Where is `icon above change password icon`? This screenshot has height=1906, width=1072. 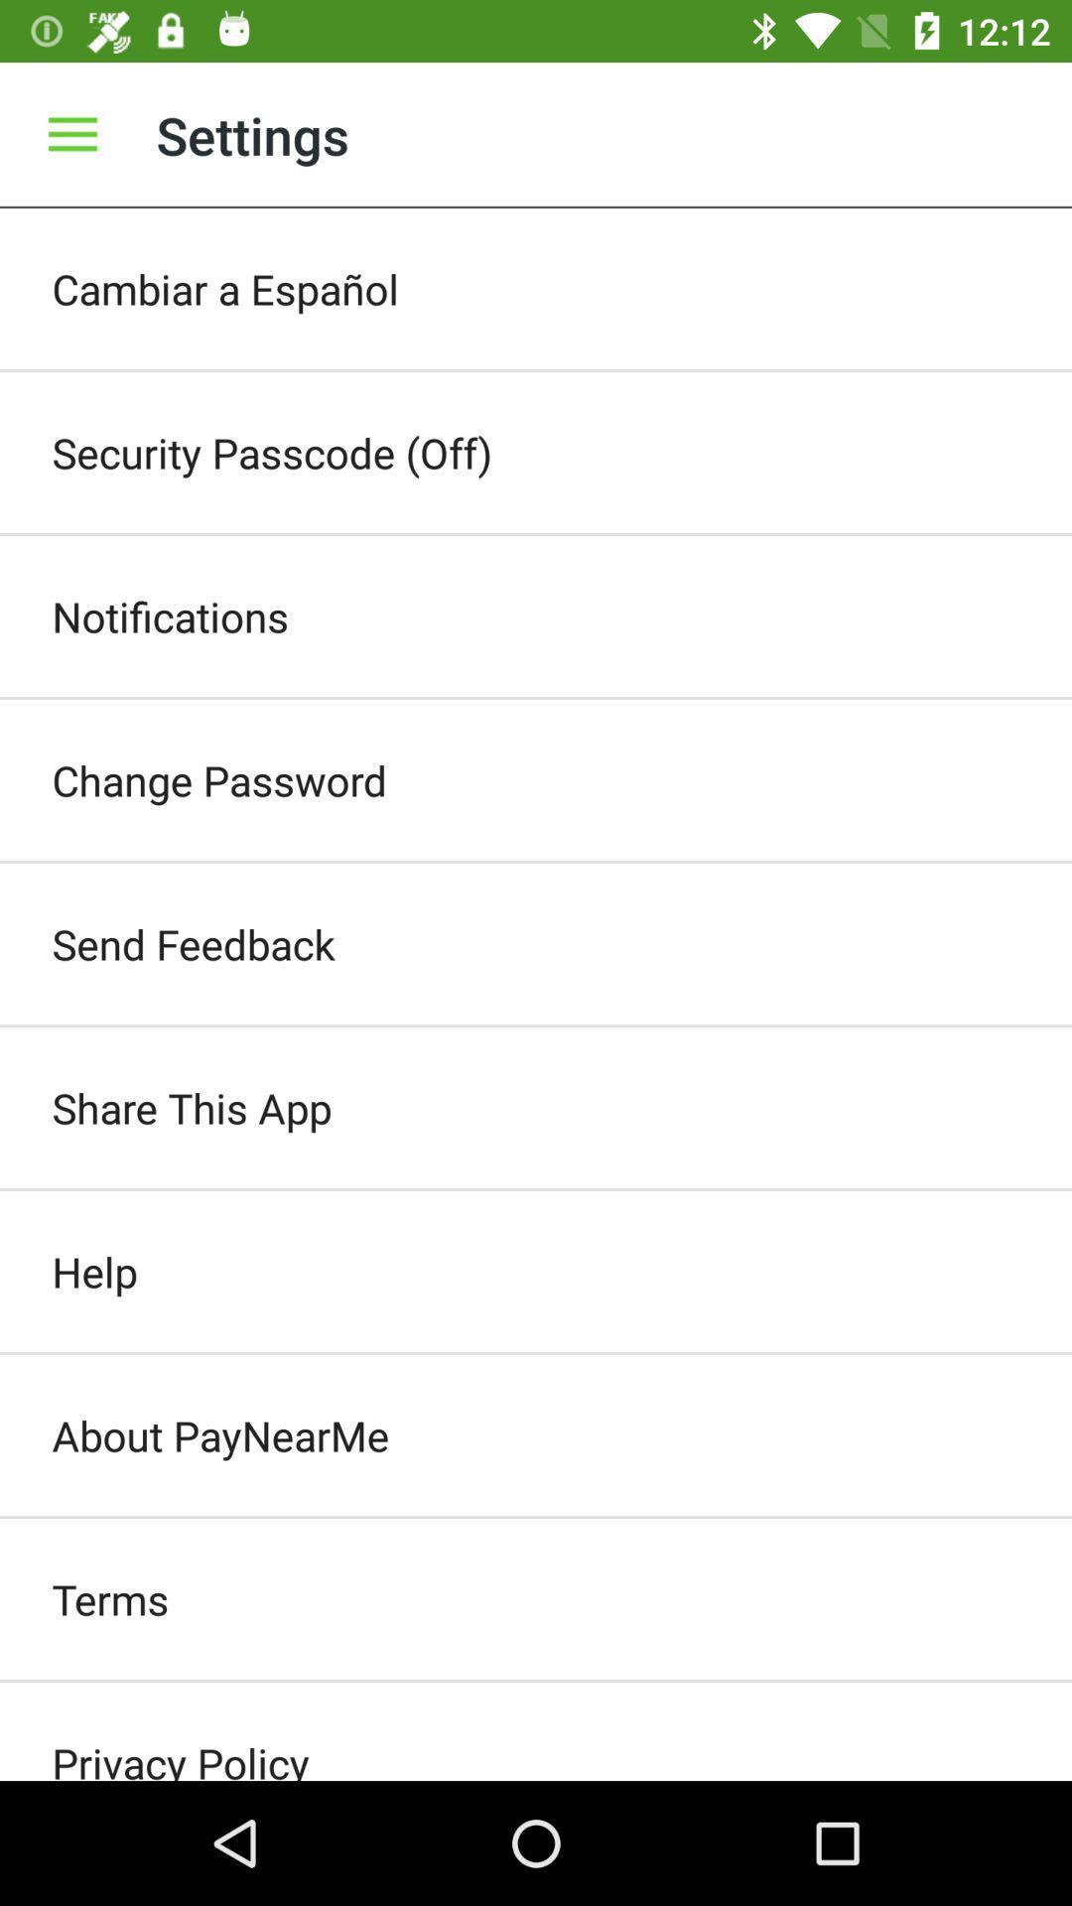
icon above change password icon is located at coordinates (536, 614).